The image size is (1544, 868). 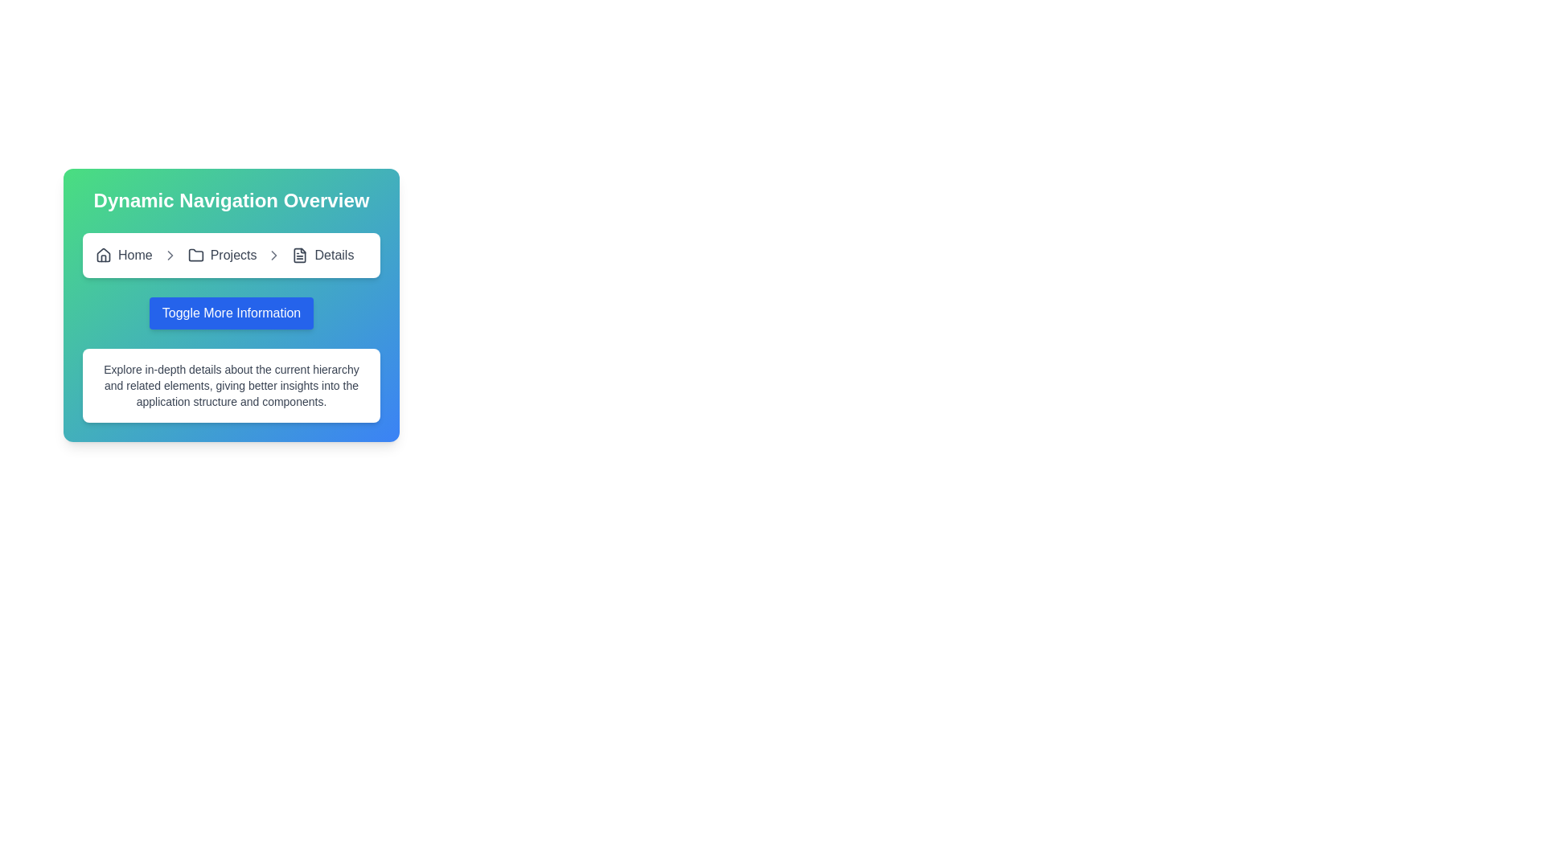 I want to click on the right-pointing chevron icon in the breadcrumb navigation component, which separates 'Projects' and 'Details' labels, so click(x=170, y=254).